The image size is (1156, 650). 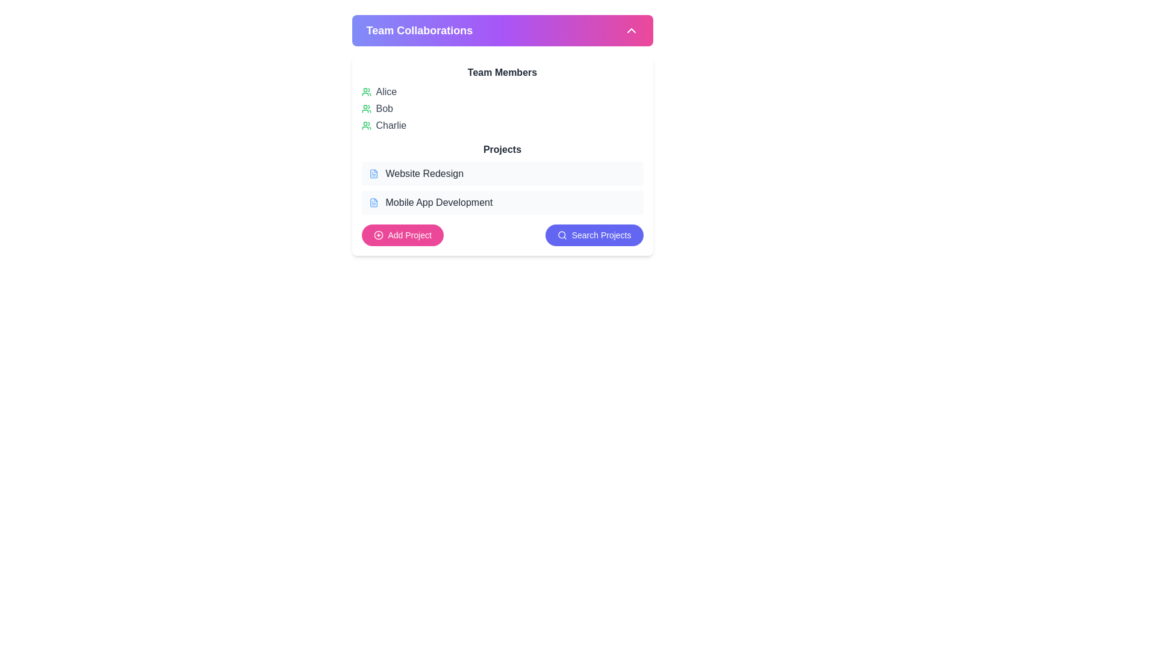 I want to click on the icon representing 'Charlie', which is visually characterized by two green user-like silhouettes and is part of the 'Team Members' list, so click(x=365, y=125).